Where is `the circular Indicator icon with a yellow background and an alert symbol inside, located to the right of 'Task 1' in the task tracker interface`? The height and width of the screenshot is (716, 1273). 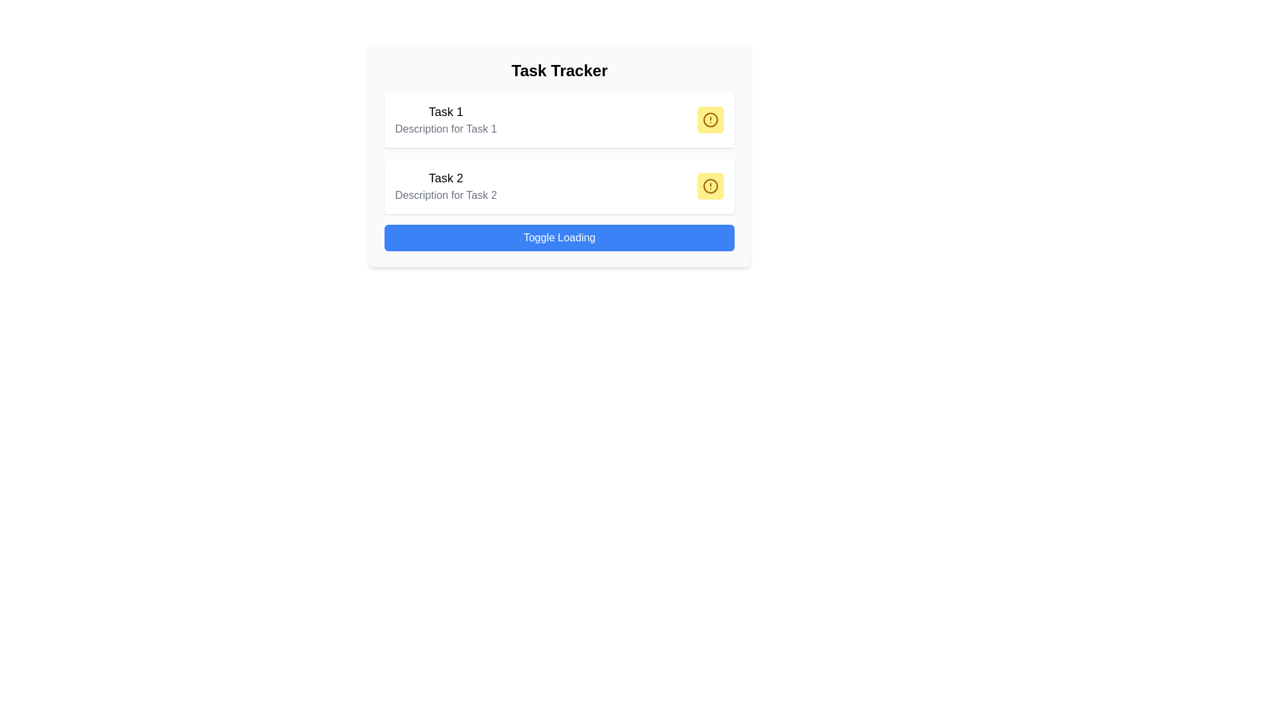 the circular Indicator icon with a yellow background and an alert symbol inside, located to the right of 'Task 1' in the task tracker interface is located at coordinates (709, 120).